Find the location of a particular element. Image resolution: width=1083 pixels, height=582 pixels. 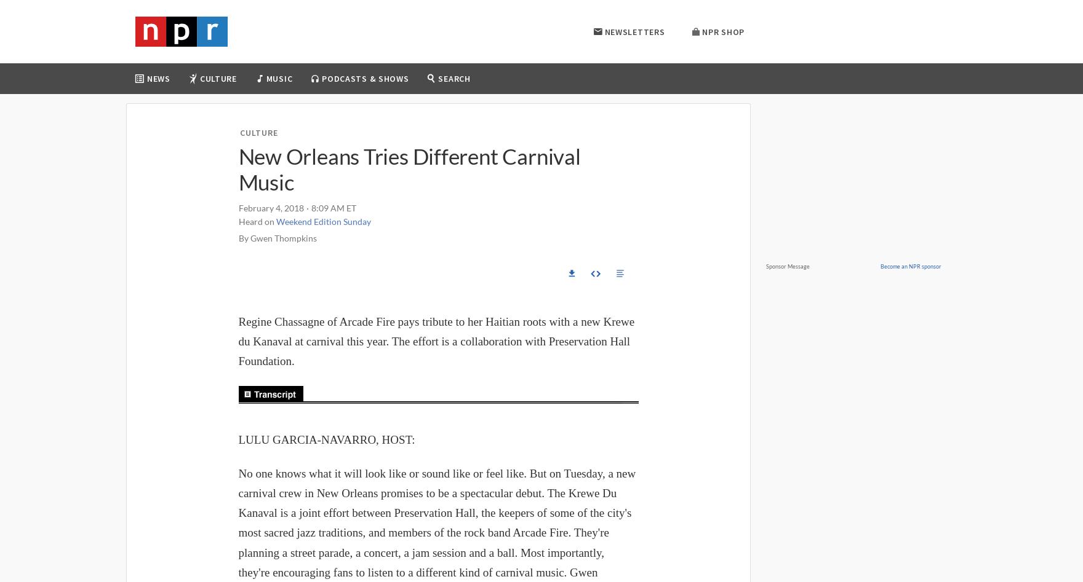

'Search' is located at coordinates (453, 78).